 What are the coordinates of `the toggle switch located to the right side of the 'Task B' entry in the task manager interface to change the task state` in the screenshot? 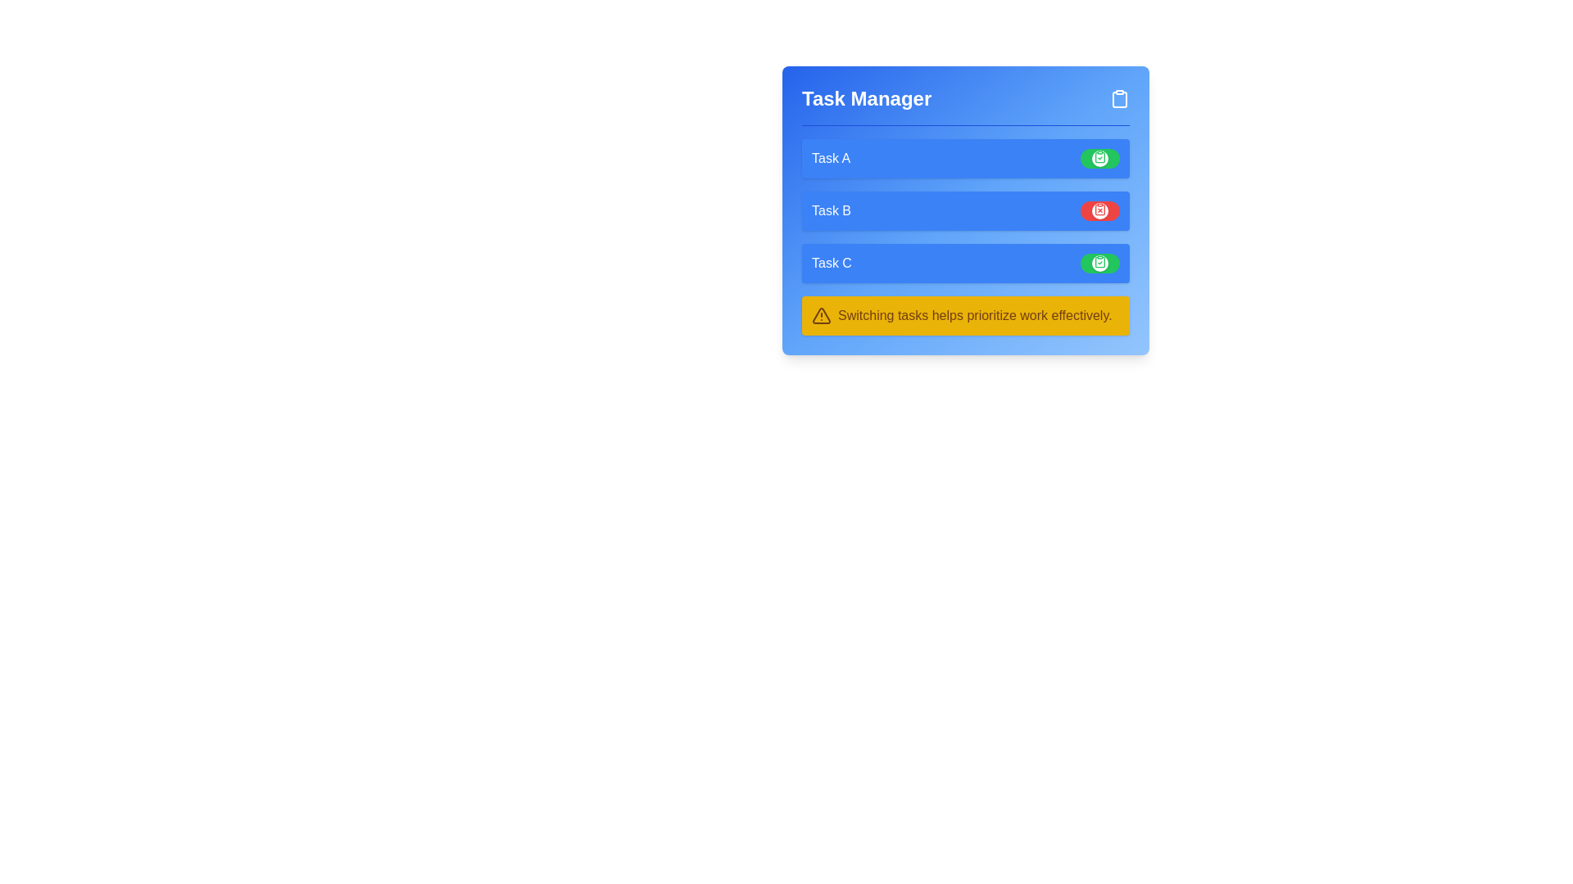 It's located at (1100, 210).